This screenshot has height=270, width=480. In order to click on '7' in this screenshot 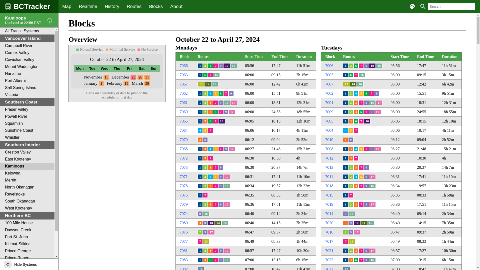, I will do `click(215, 204)`.